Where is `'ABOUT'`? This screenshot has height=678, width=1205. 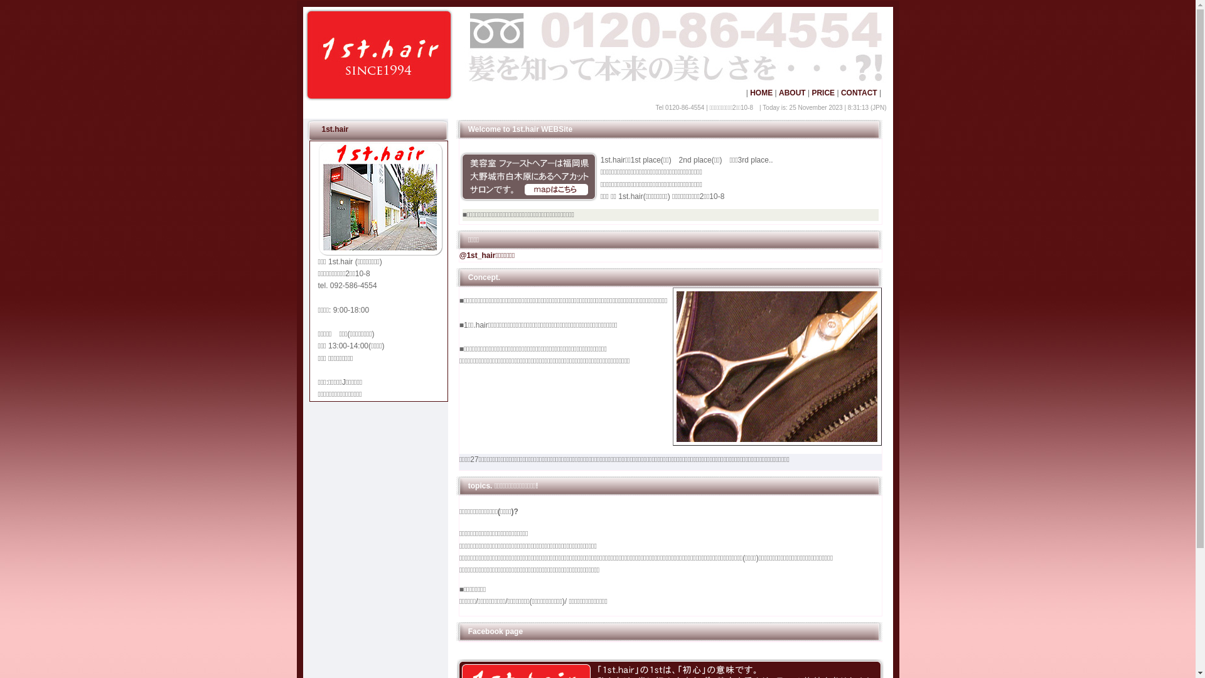 'ABOUT' is located at coordinates (778, 92).